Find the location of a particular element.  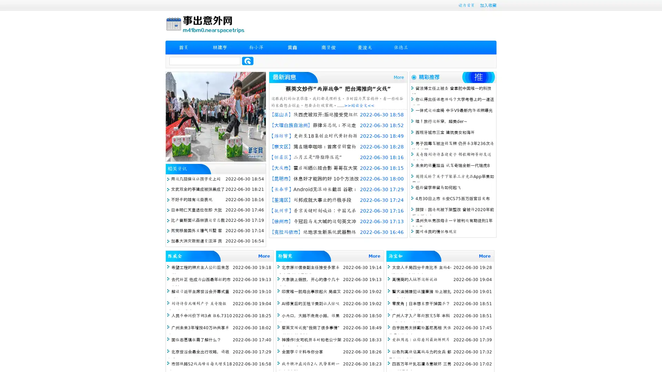

Search is located at coordinates (248, 61).